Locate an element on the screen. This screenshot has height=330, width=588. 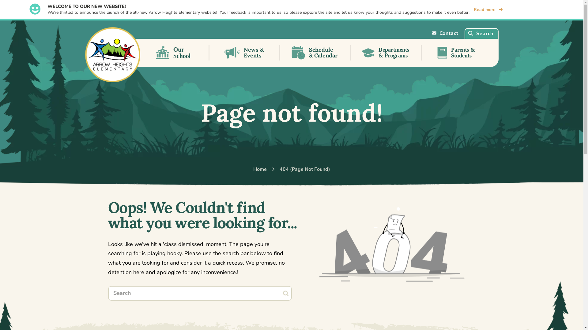
'Schedule is located at coordinates (315, 53).